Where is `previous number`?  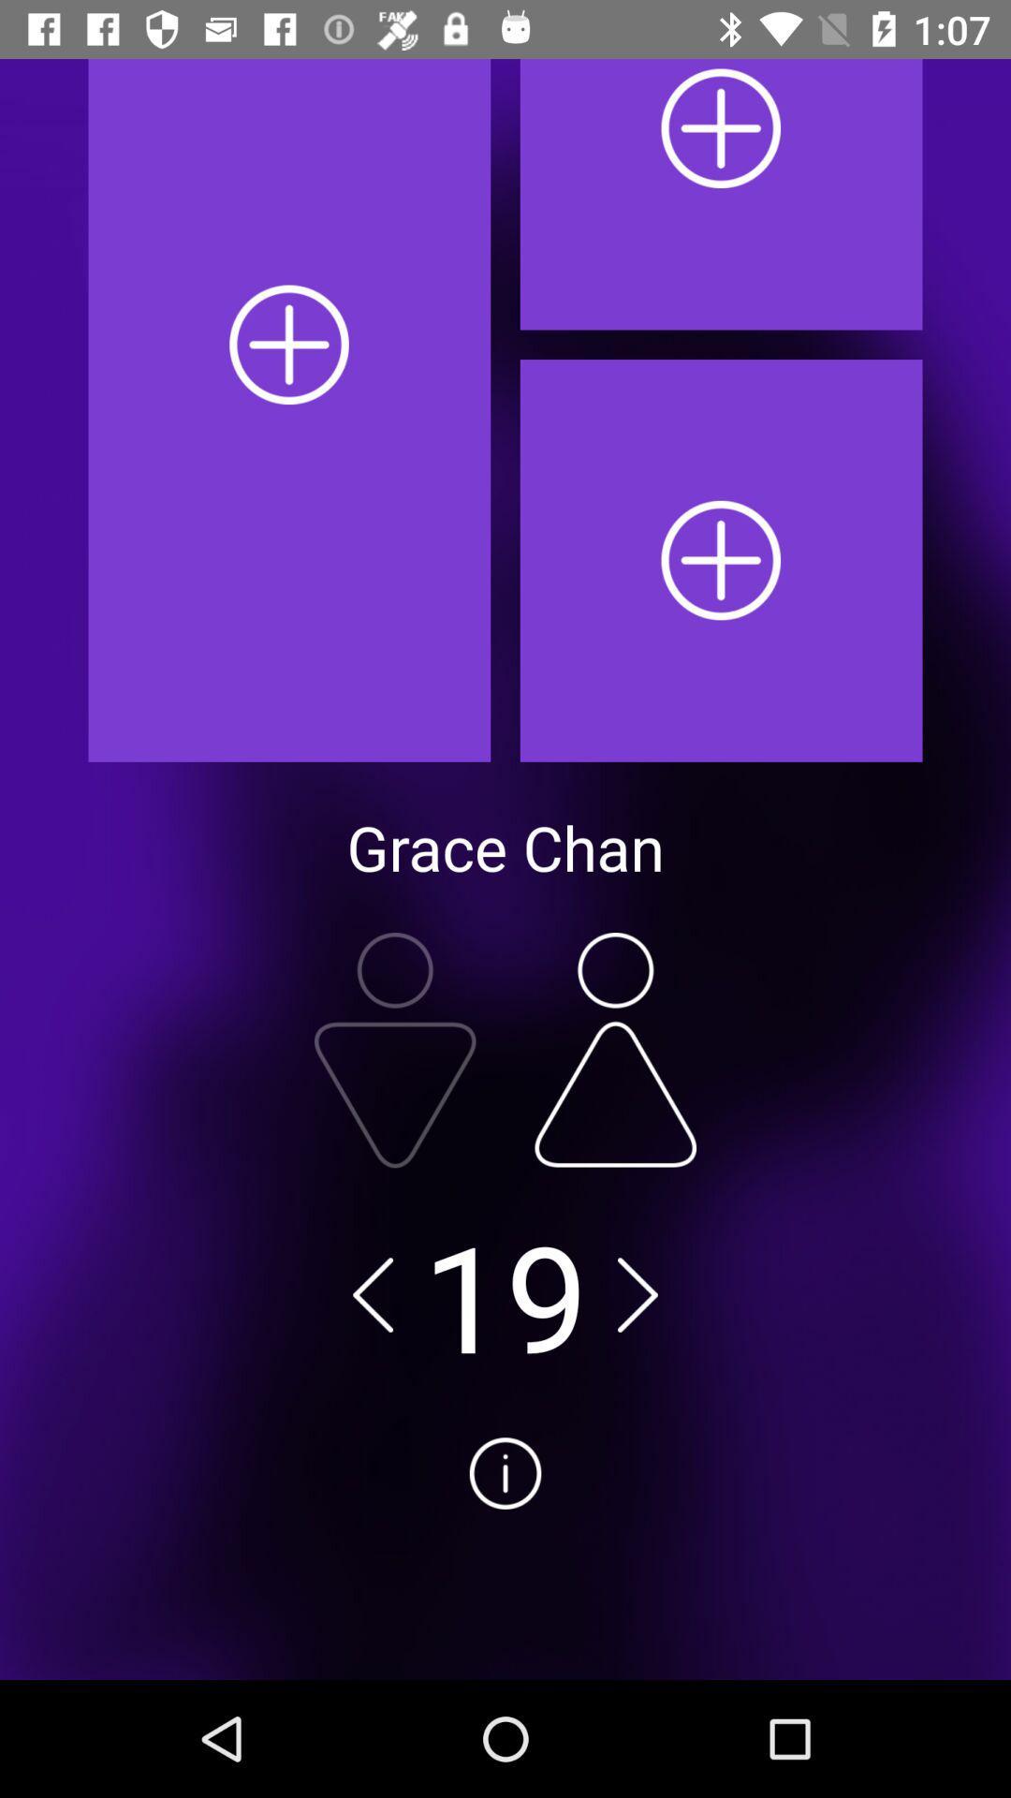 previous number is located at coordinates (373, 1293).